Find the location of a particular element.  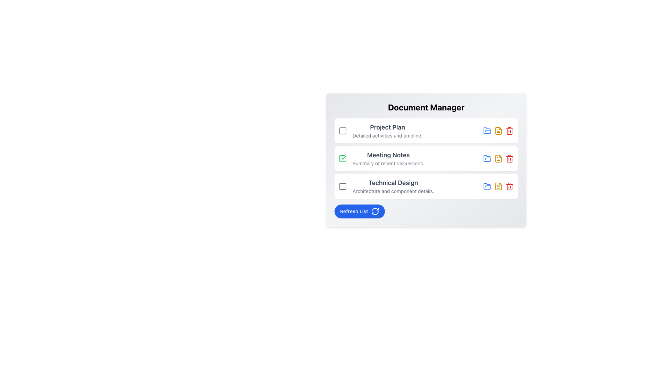

the middle text-based list entry titled 'Meeting Notes' is located at coordinates (381, 158).